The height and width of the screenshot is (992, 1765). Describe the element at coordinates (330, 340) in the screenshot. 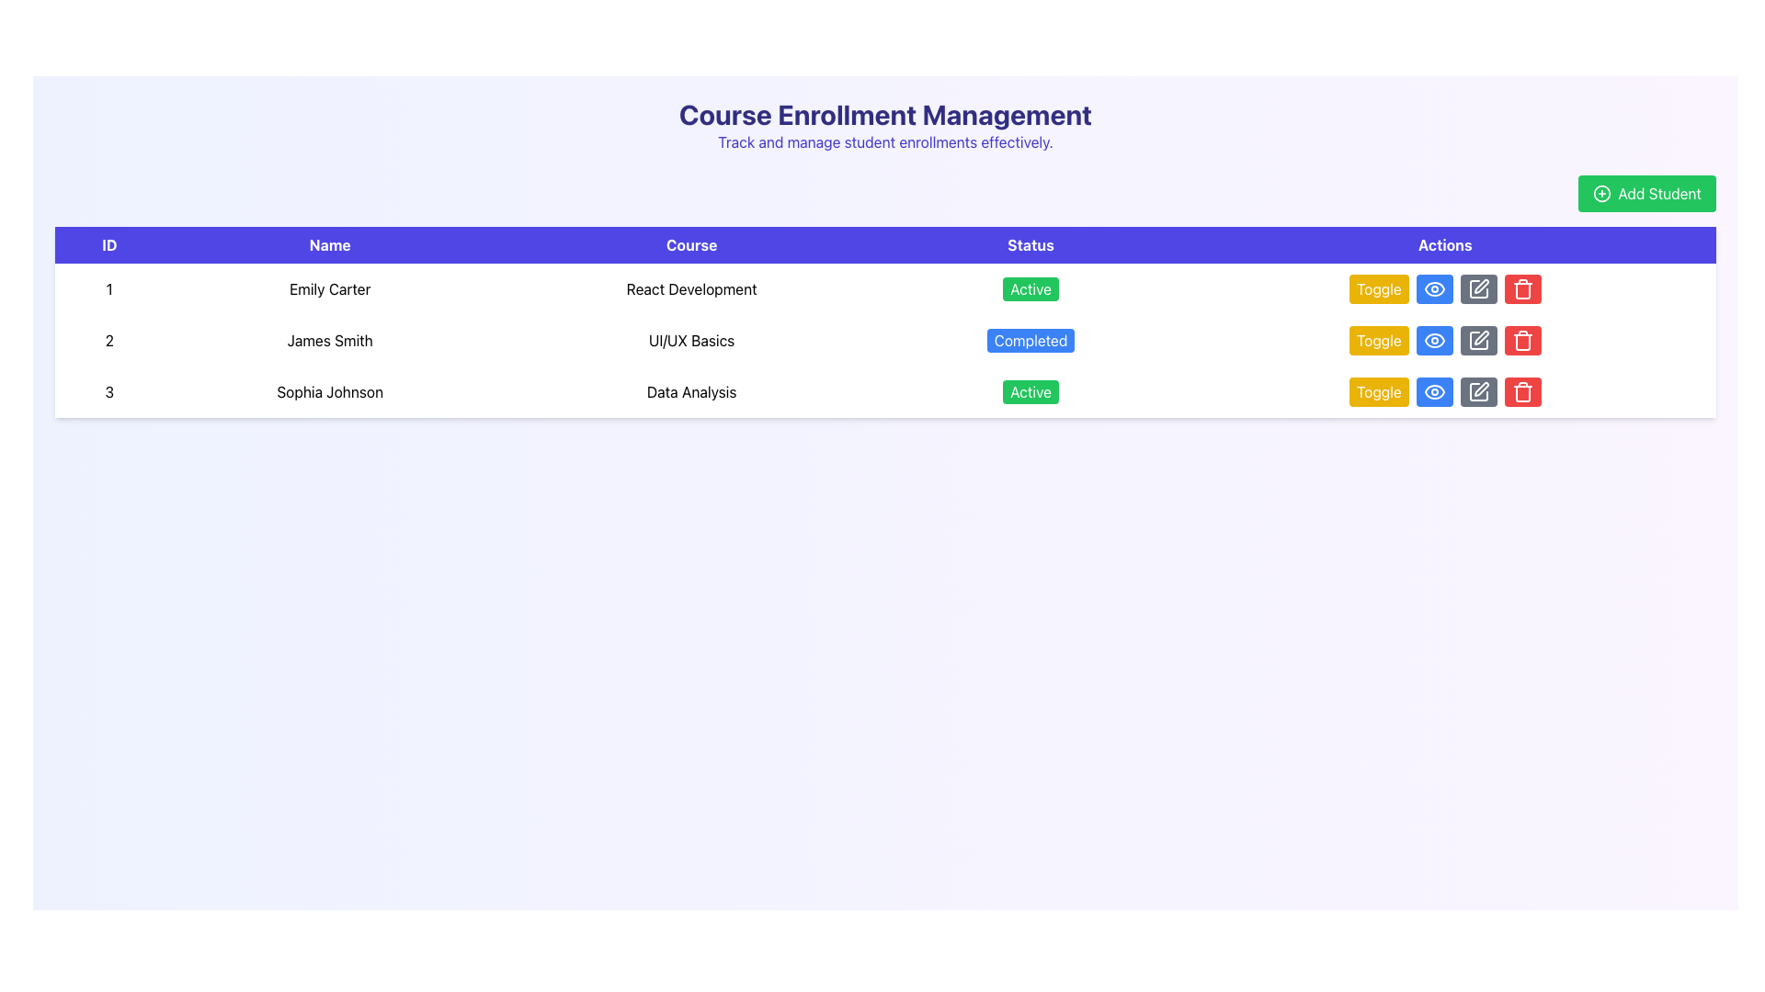

I see `the static text element displaying the name 'James Smith' in the second row of the 'Name' column of the data table` at that location.